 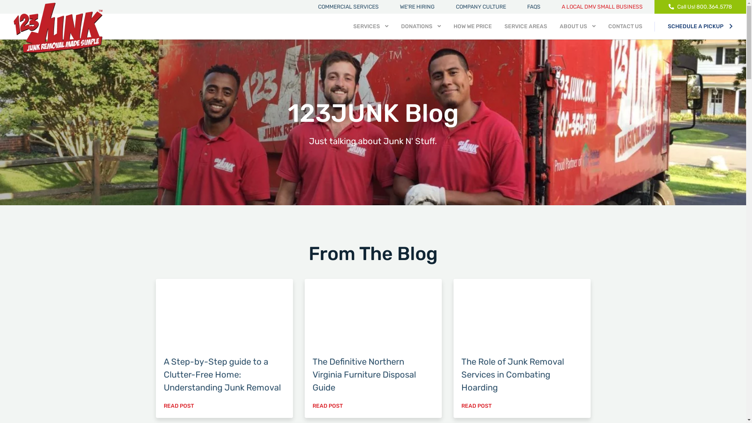 I want to click on 'CONTACT US', so click(x=608, y=26).